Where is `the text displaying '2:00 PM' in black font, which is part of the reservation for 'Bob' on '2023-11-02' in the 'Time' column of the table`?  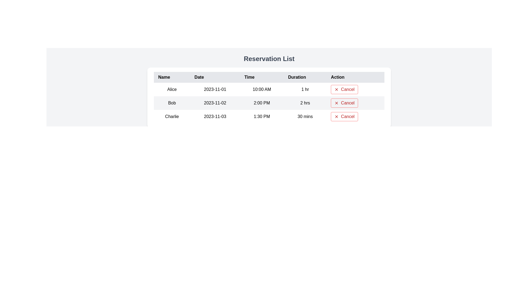
the text displaying '2:00 PM' in black font, which is part of the reservation for 'Bob' on '2023-11-02' in the 'Time' column of the table is located at coordinates (262, 103).